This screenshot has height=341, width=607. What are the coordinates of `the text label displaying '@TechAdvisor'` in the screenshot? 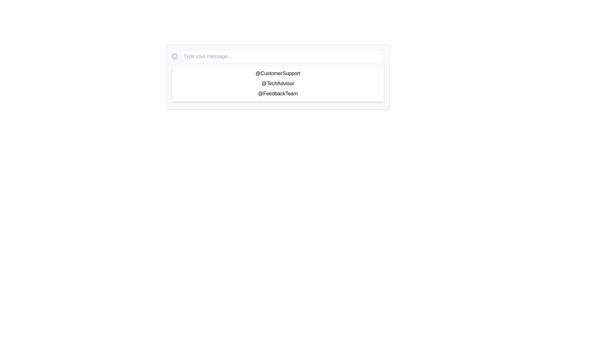 It's located at (278, 83).